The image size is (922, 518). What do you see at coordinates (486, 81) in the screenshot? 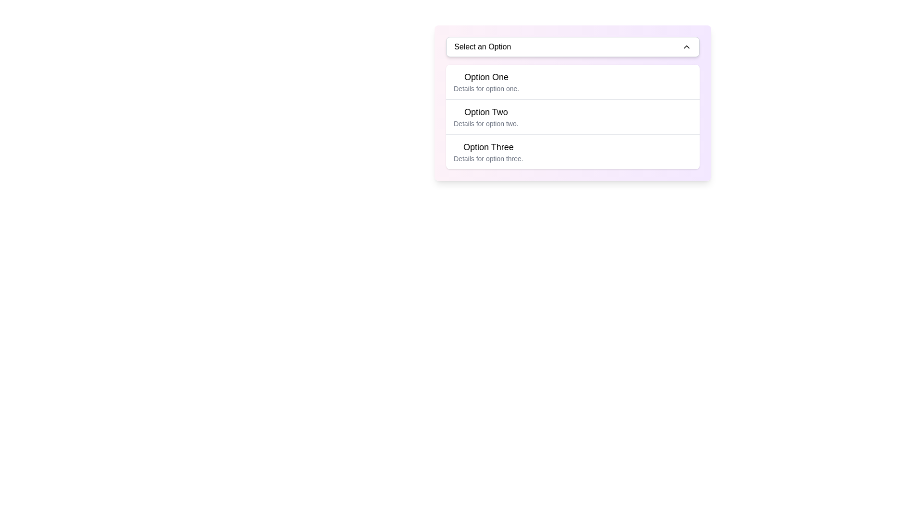
I see `the 'Option One' dropdown menu option, which is the first choice in the list under the 'Select an Option' field` at bounding box center [486, 81].